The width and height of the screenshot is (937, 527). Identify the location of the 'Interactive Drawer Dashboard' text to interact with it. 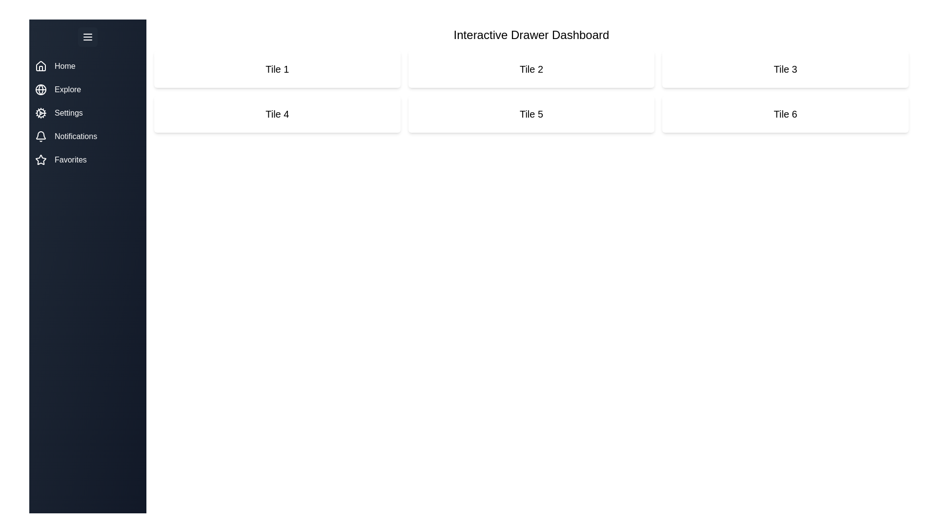
(531, 35).